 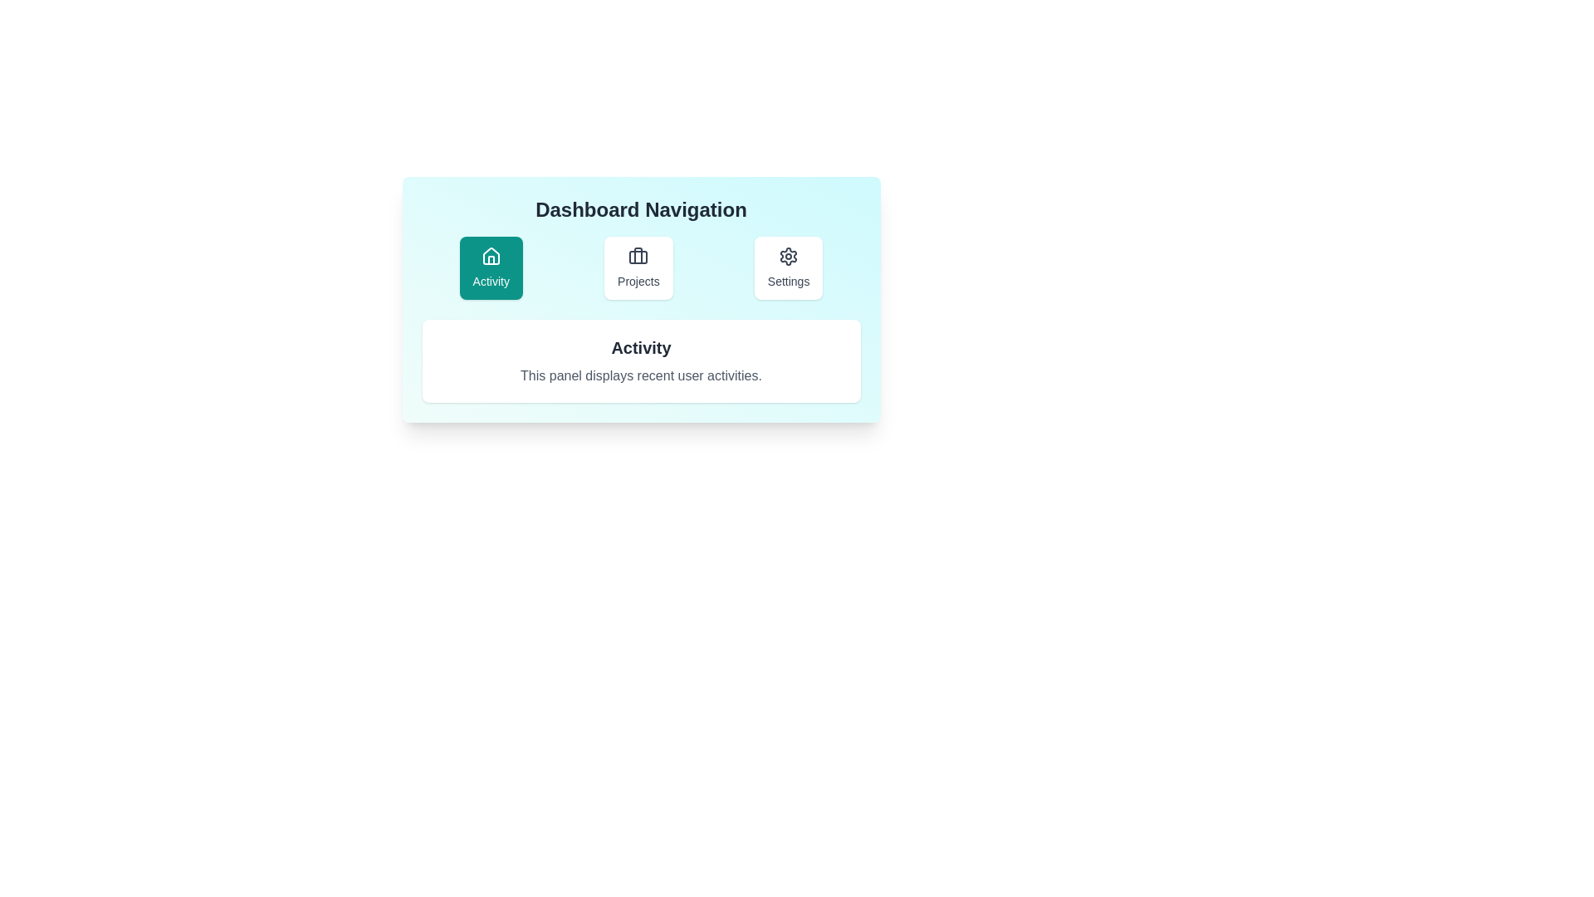 I want to click on the house-shaped icon within the 'Activity' button located at the top-left corner of the interface, so click(x=490, y=256).